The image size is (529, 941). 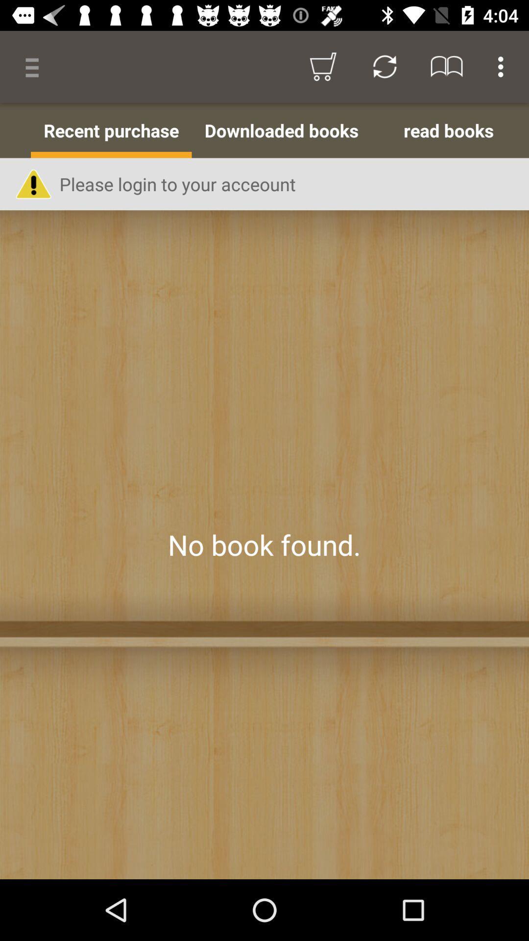 I want to click on main site, so click(x=264, y=544).